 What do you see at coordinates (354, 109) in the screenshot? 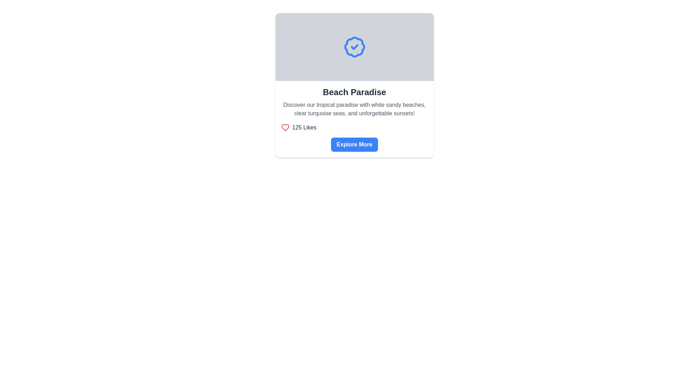
I see `the static text block that describes the tropical destination, which is positioned below the bold title and above the '125 Likes' section` at bounding box center [354, 109].